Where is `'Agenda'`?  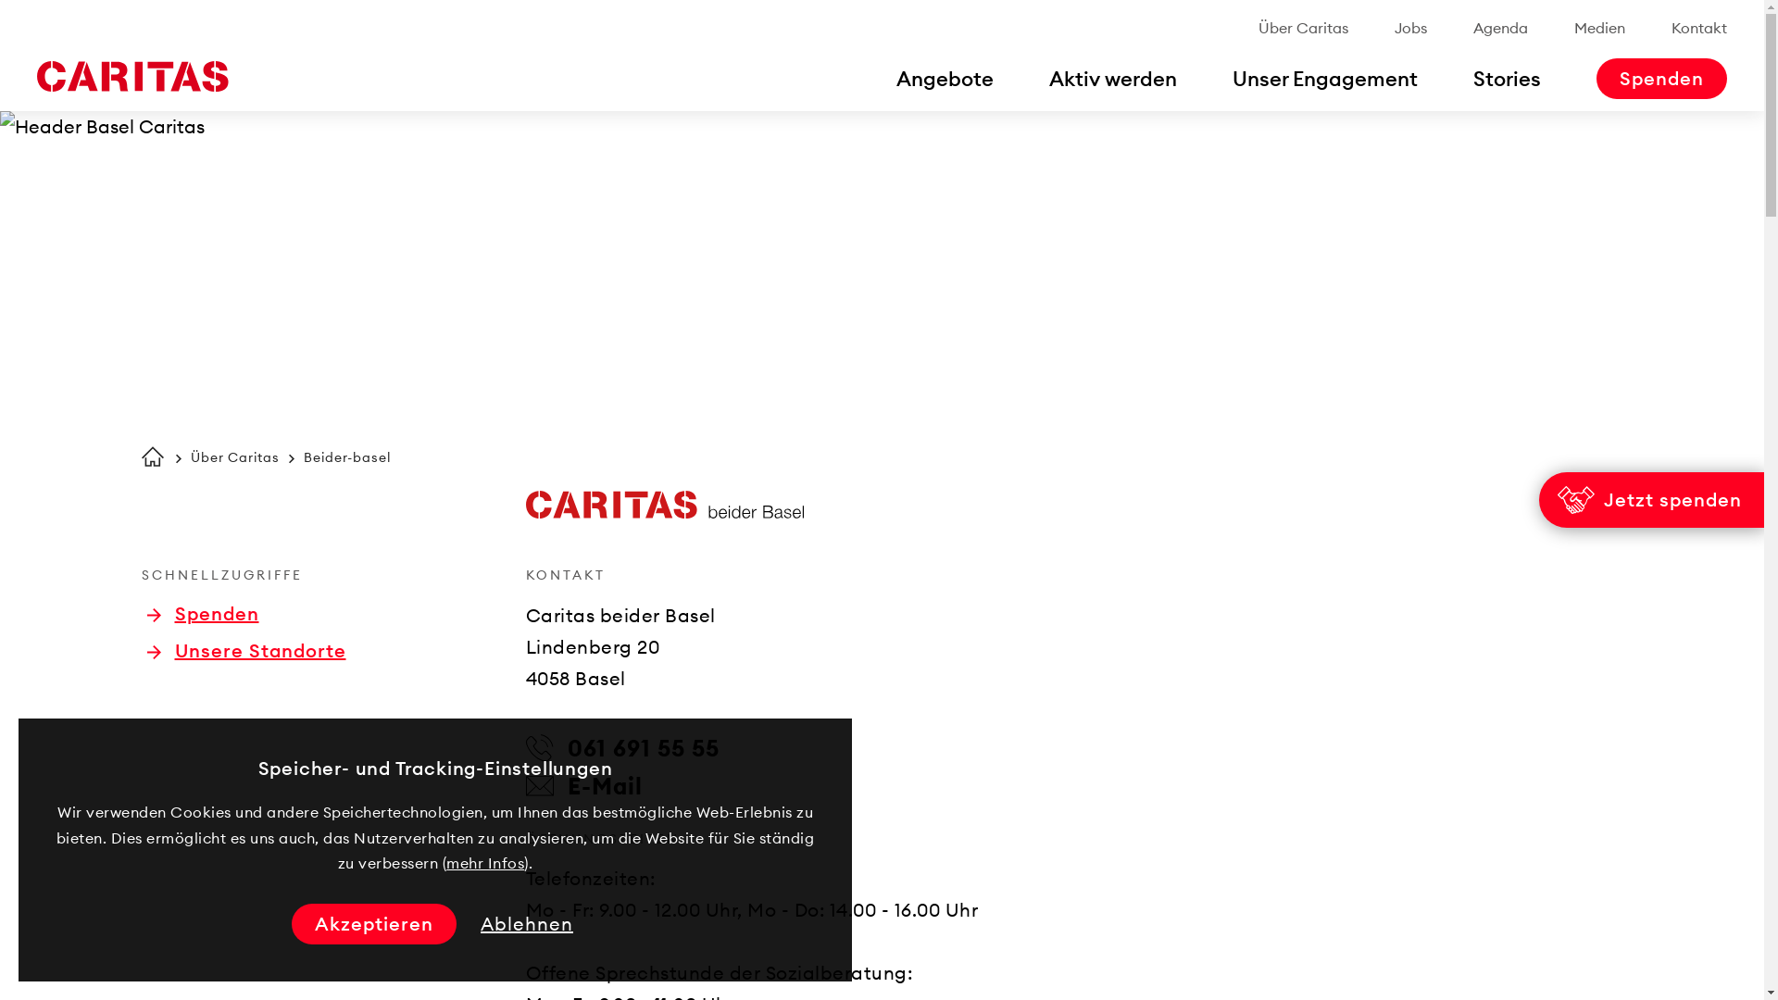
'Agenda' is located at coordinates (1500, 28).